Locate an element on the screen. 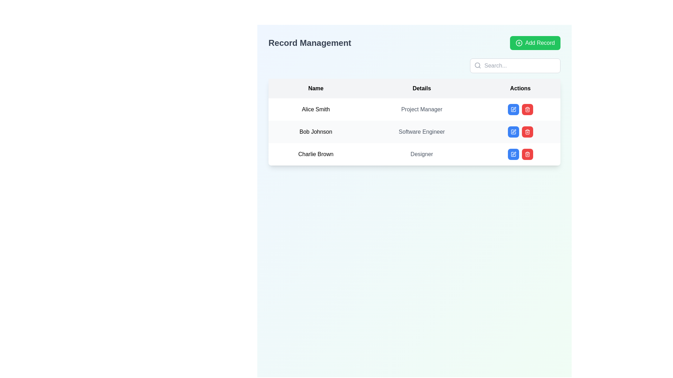 This screenshot has height=378, width=673. the static text label displaying 'Designer' in gray color, located in the 'Details' column of the table for 'Charlie Brown' is located at coordinates (421, 154).